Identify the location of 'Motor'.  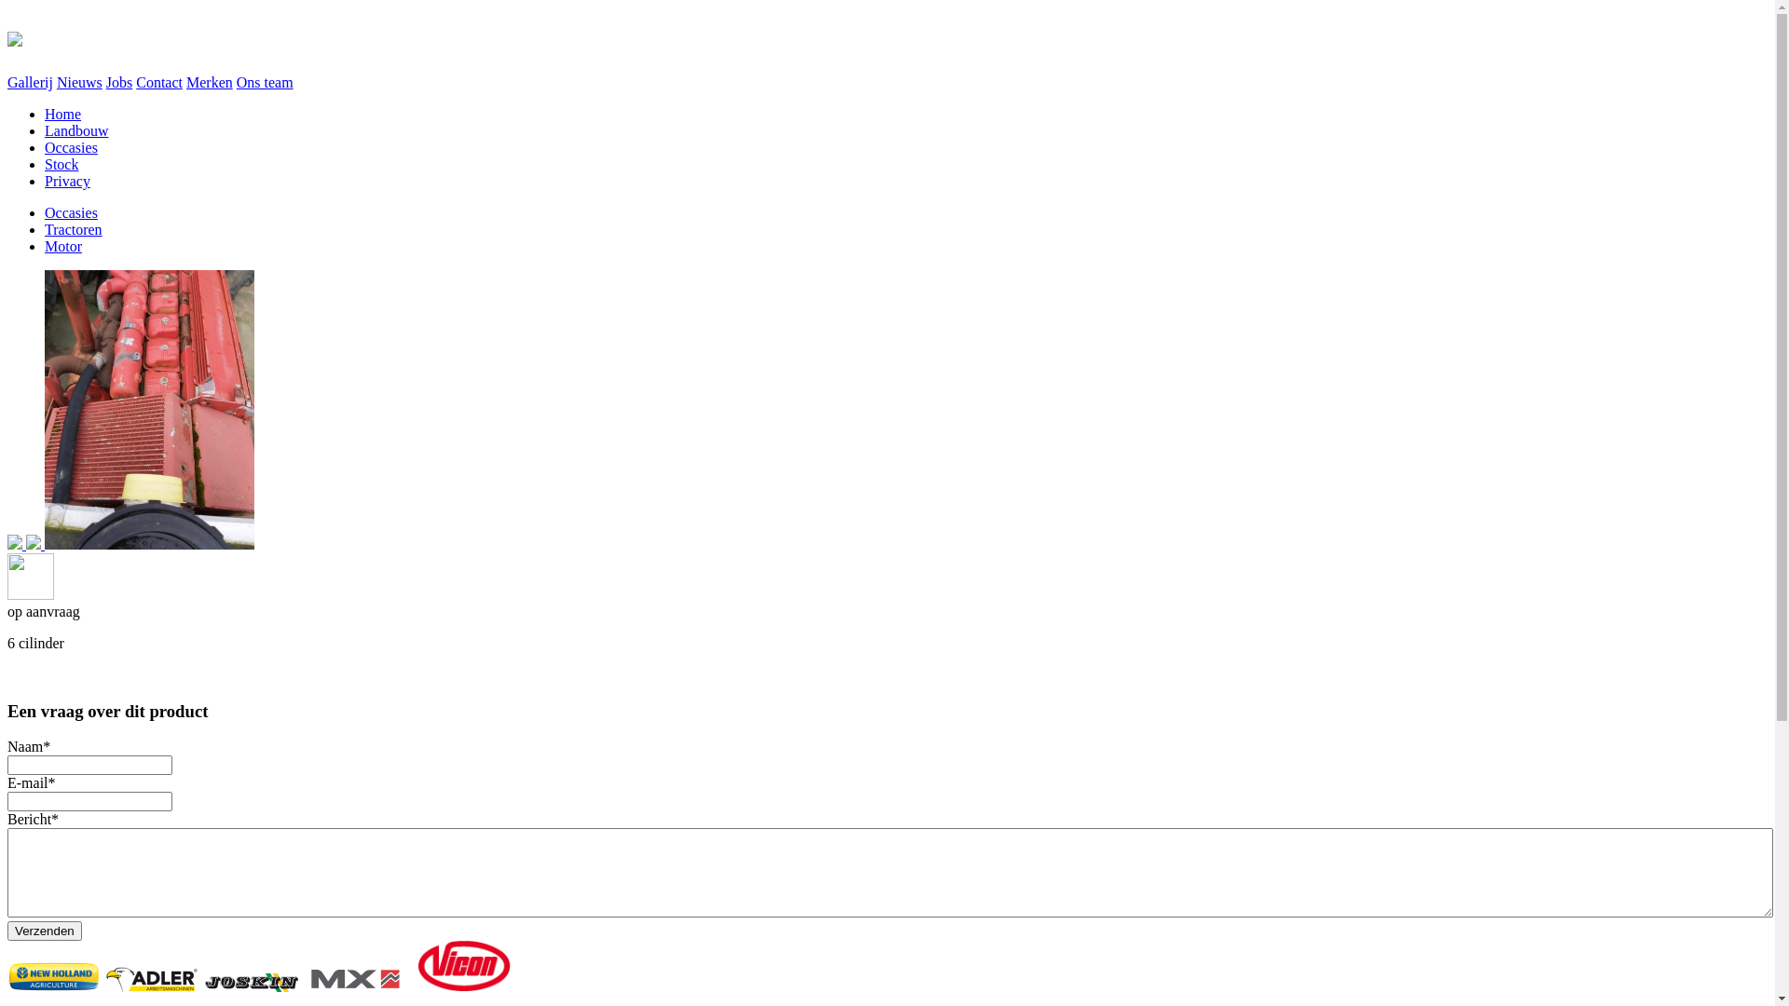
(62, 245).